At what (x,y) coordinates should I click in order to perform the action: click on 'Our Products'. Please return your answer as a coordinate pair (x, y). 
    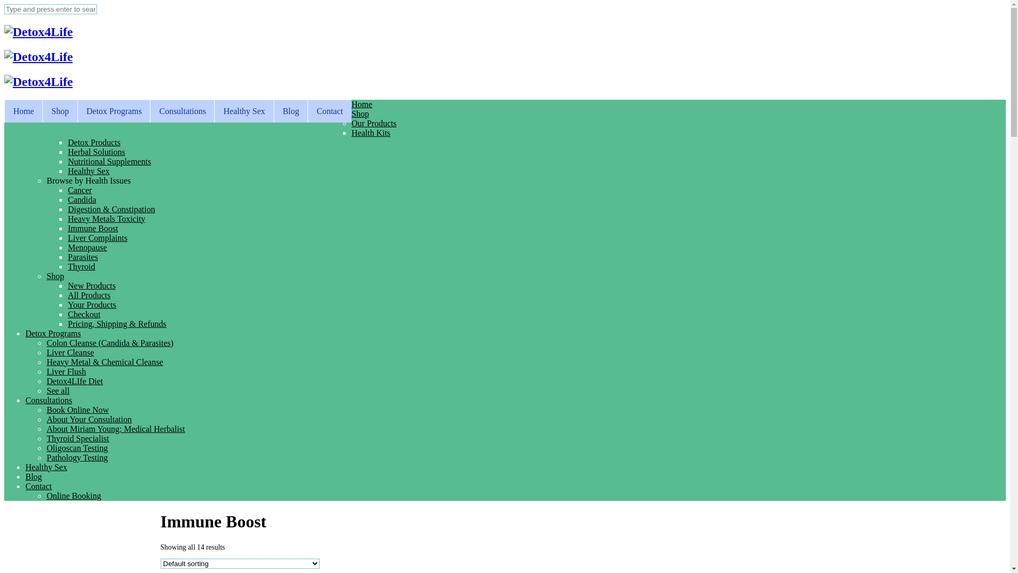
    Looking at the image, I should click on (374, 123).